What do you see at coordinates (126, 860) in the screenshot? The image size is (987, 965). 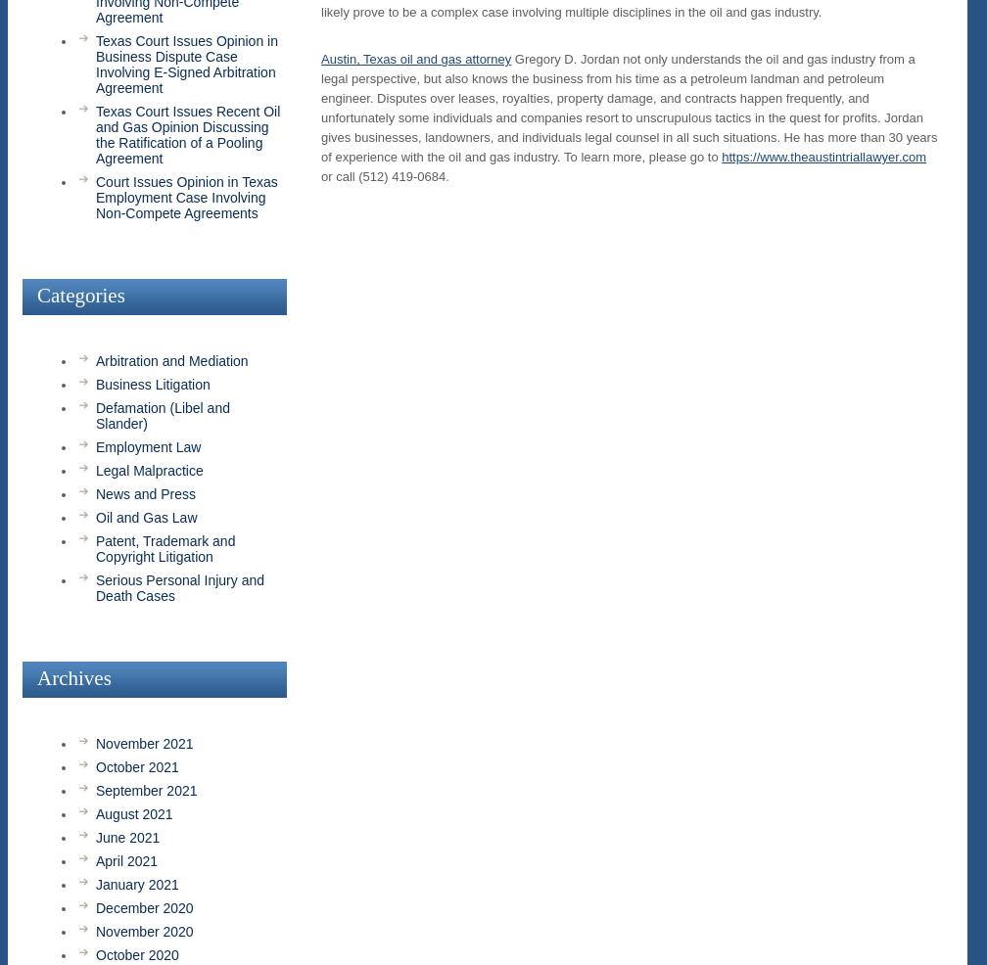 I see `'April 2021'` at bounding box center [126, 860].